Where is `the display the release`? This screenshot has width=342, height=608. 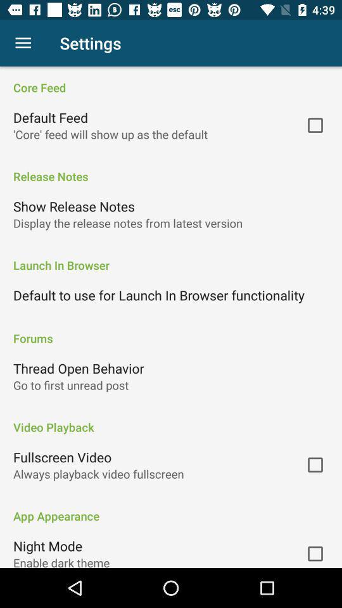
the display the release is located at coordinates (128, 223).